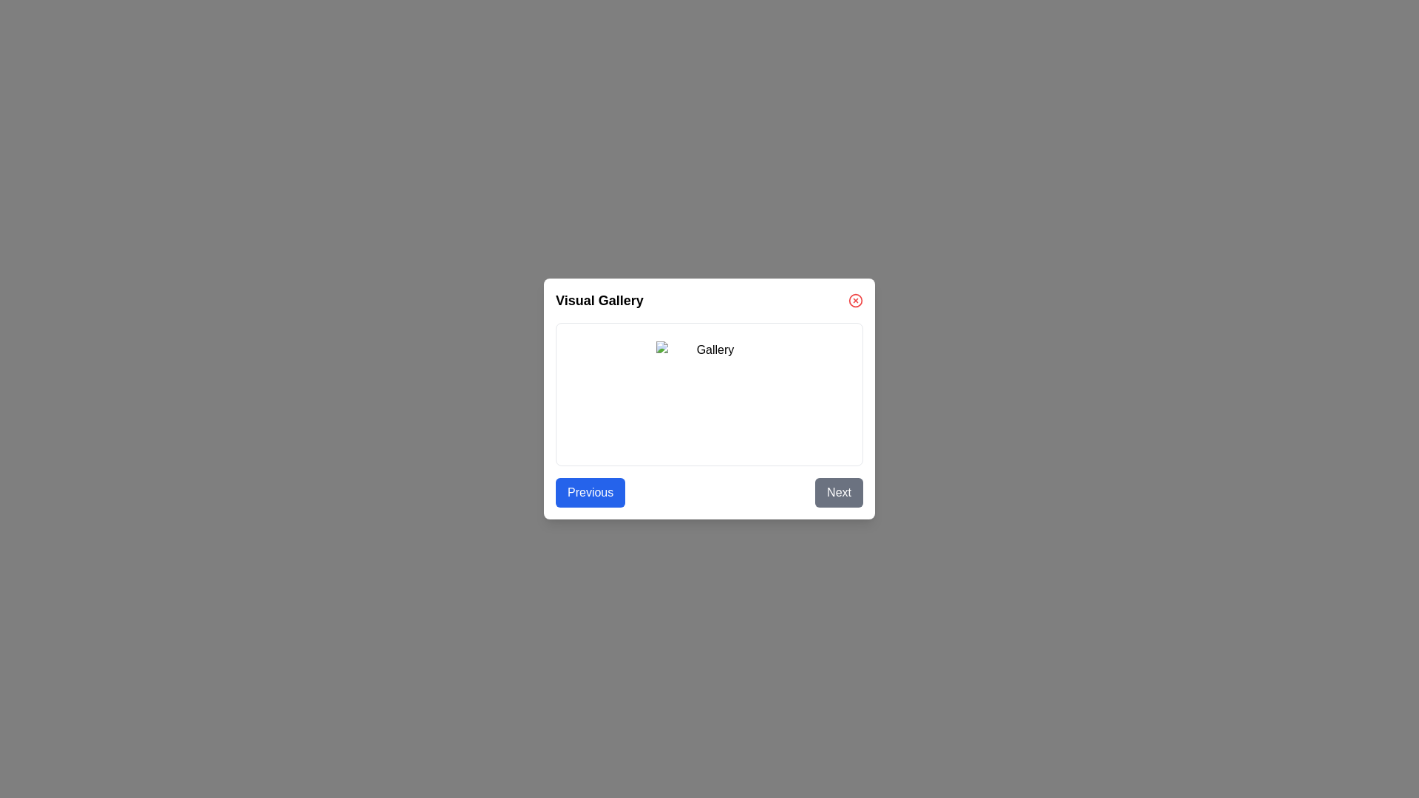 The image size is (1419, 798). Describe the element at coordinates (855, 300) in the screenshot. I see `the close button to close the dialog` at that location.